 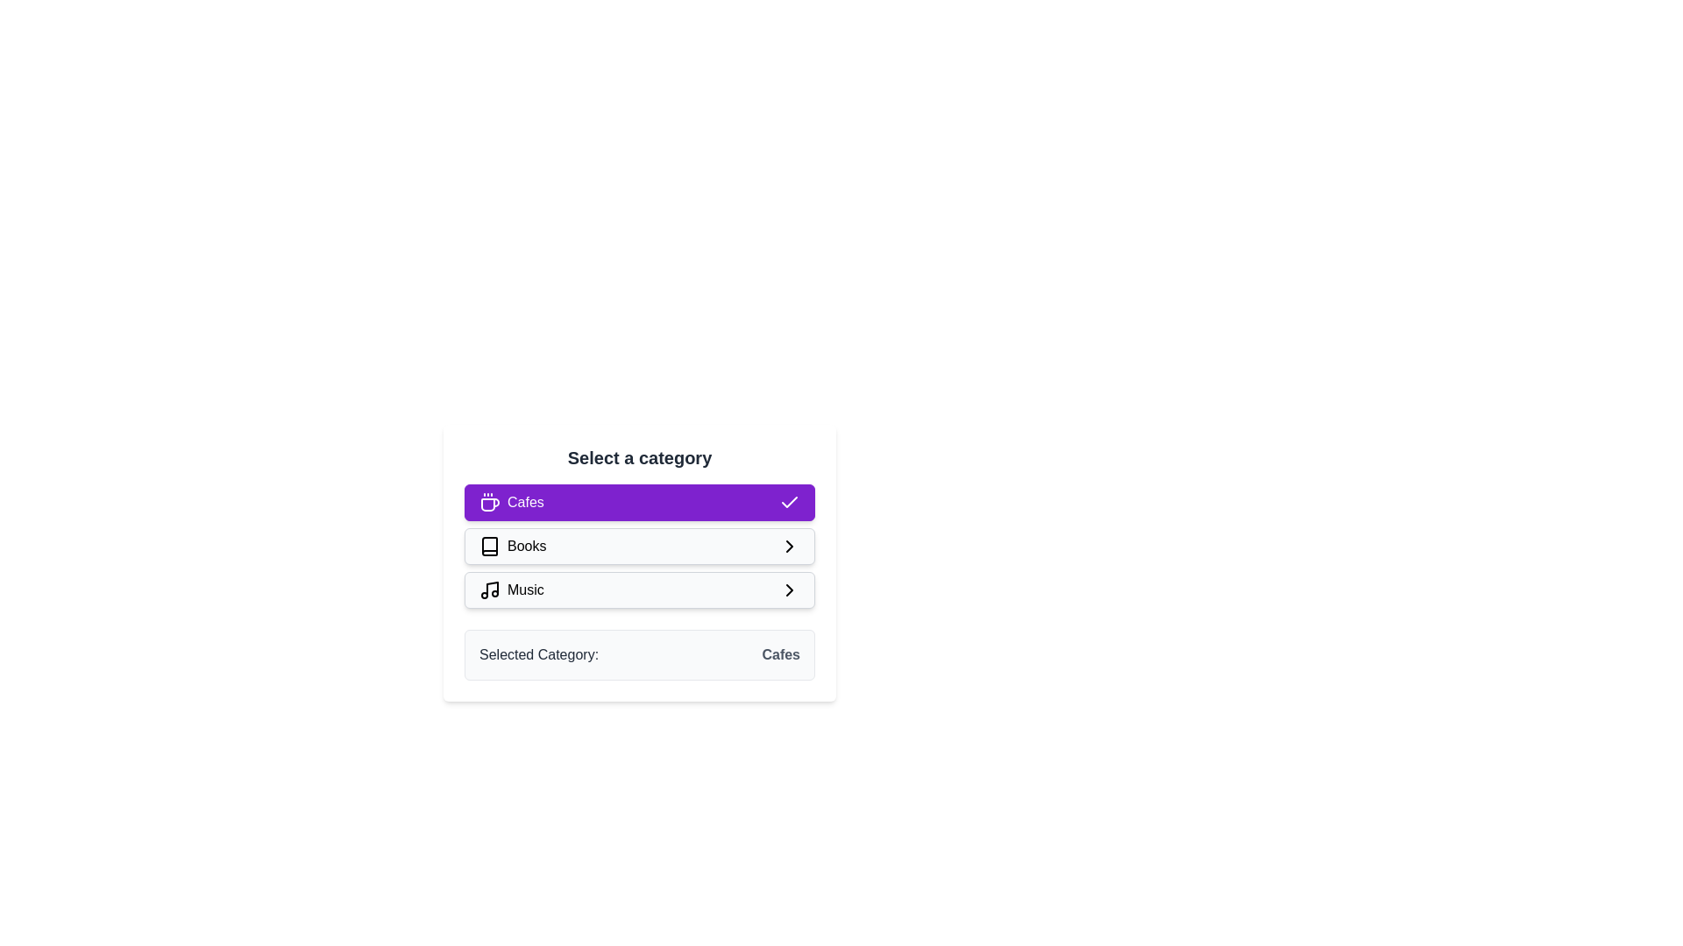 What do you see at coordinates (789, 590) in the screenshot?
I see `the right-pointing chevron icon located to the far right of the 'Music' entry in the 'Select a category' panel` at bounding box center [789, 590].